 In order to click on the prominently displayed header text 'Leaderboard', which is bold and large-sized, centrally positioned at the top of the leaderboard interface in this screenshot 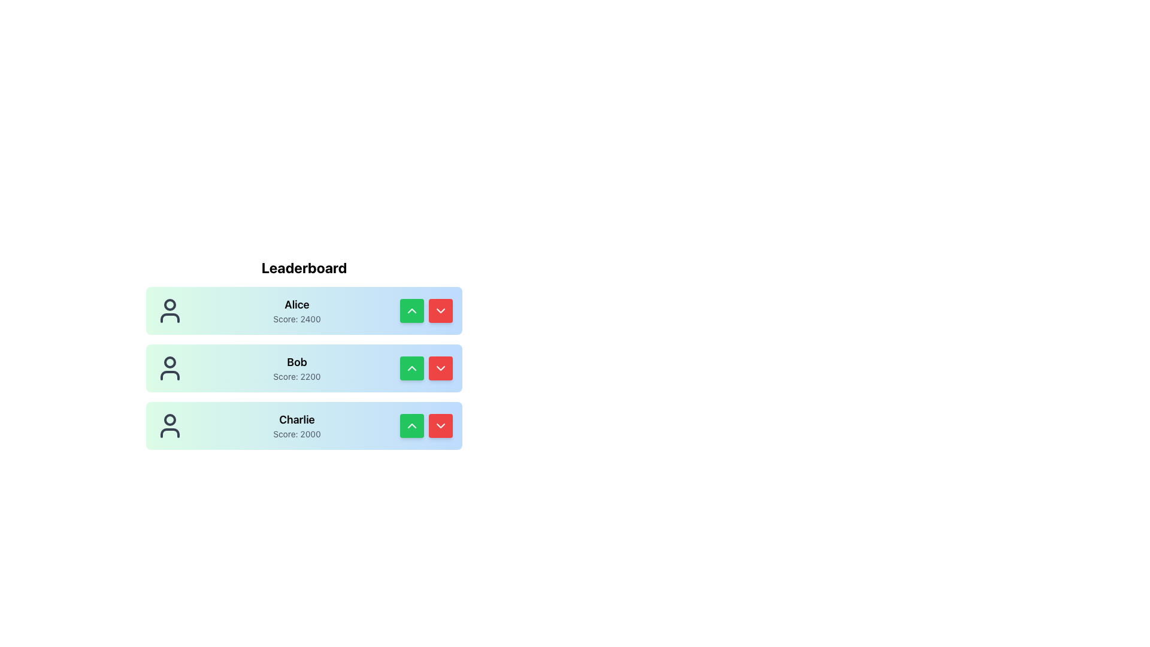, I will do `click(304, 267)`.